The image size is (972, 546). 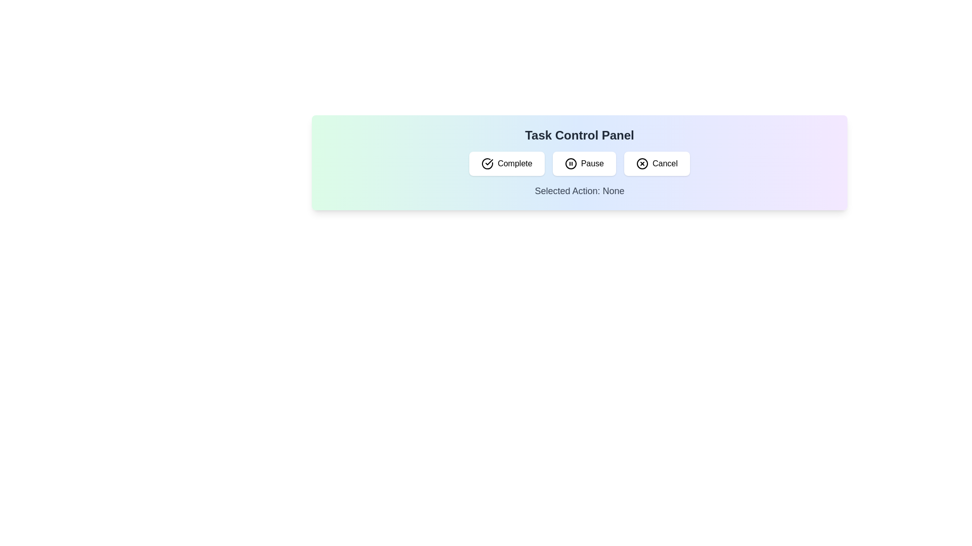 What do you see at coordinates (579, 163) in the screenshot?
I see `the 'Pause' button in the Task Control Panel` at bounding box center [579, 163].